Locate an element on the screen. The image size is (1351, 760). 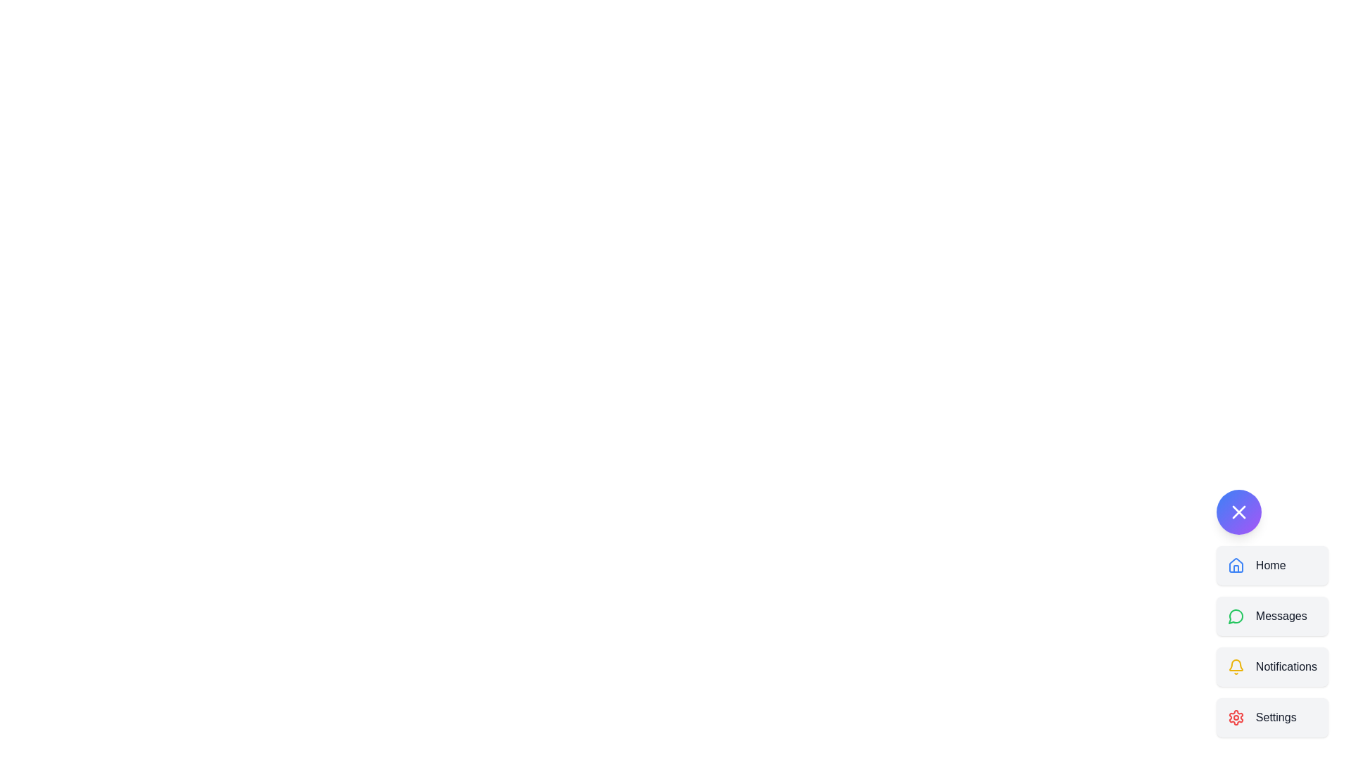
the 'Home' text label which is located within the first button of a vertical list of interactive elements, positioned to the right of a house-shaped icon is located at coordinates (1271, 564).